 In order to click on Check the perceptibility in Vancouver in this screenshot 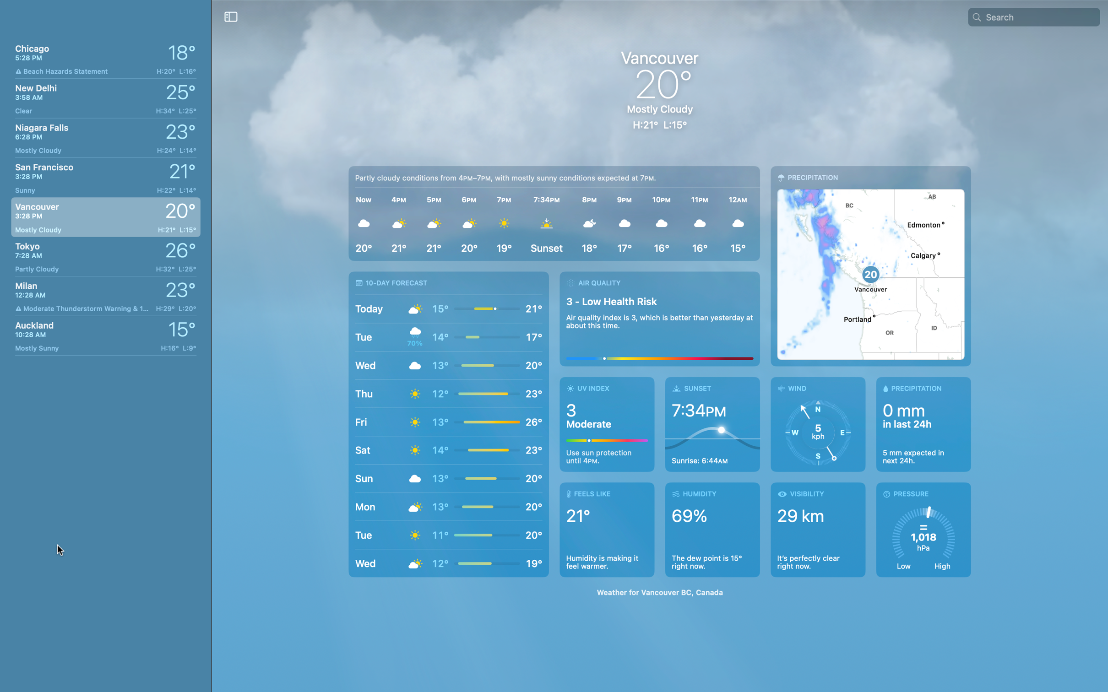, I will do `click(817, 529)`.